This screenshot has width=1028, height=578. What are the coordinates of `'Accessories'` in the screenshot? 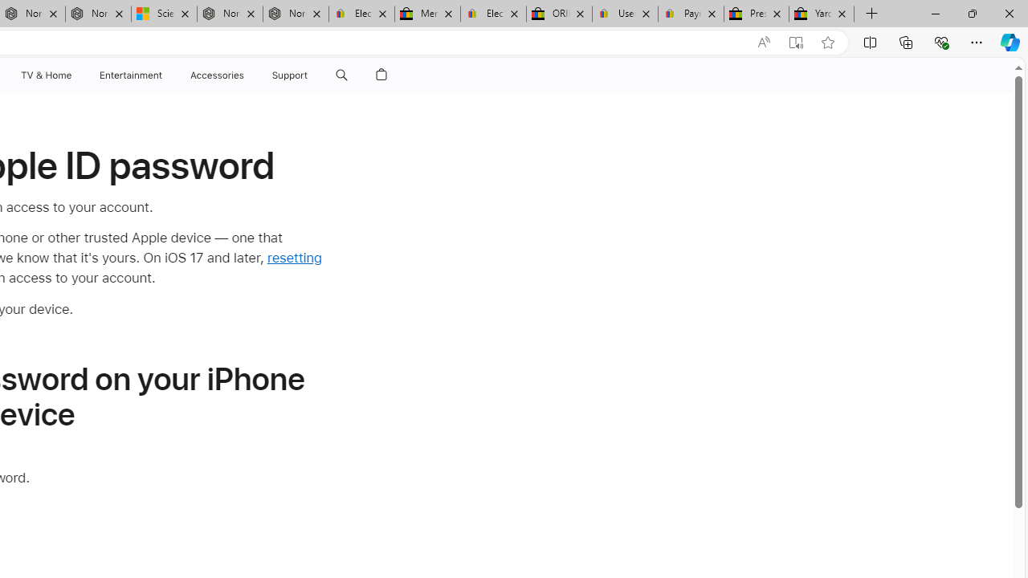 It's located at (216, 75).